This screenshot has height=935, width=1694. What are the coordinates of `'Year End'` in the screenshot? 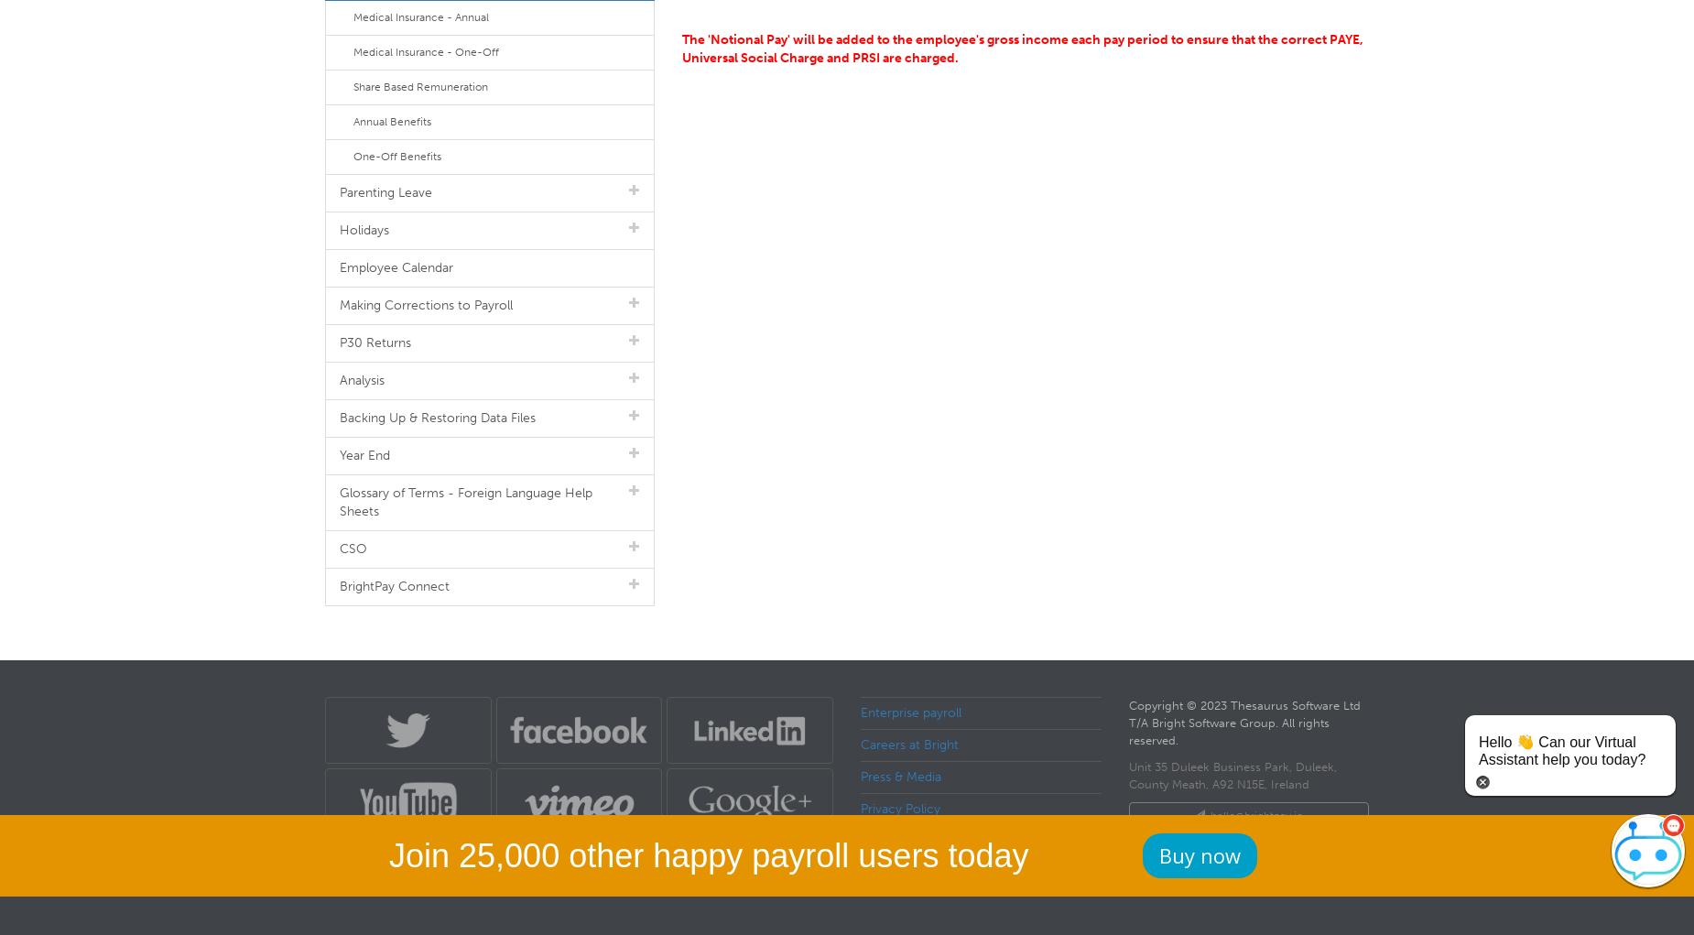 It's located at (364, 454).